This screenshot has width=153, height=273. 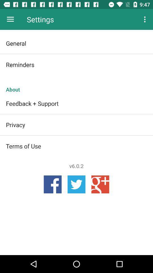 What do you see at coordinates (76, 184) in the screenshot?
I see `twitter button` at bounding box center [76, 184].